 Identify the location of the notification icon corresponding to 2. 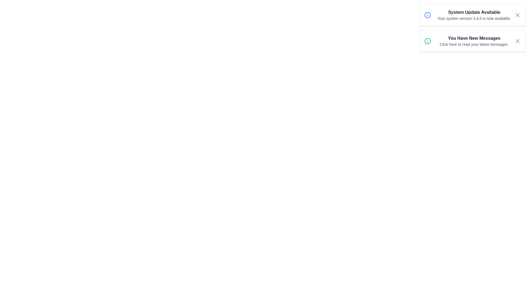
(427, 41).